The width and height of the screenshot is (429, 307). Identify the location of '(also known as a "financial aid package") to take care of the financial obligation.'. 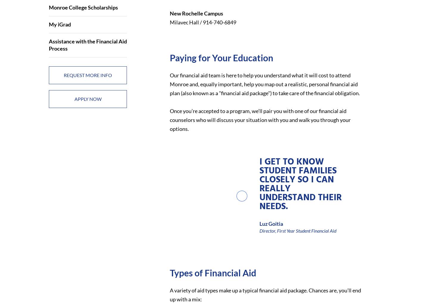
(180, 93).